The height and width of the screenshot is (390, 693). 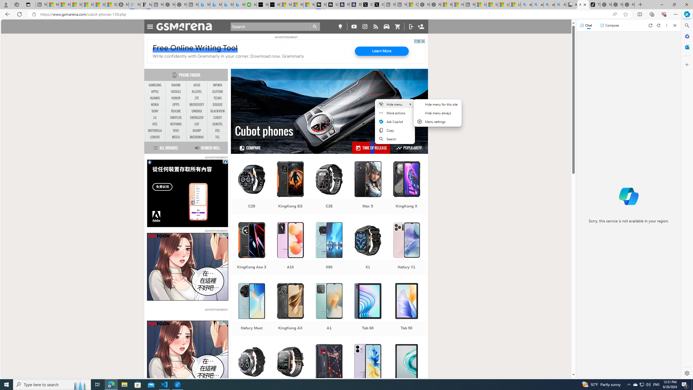 I want to click on 'OPPO', so click(x=176, y=105).